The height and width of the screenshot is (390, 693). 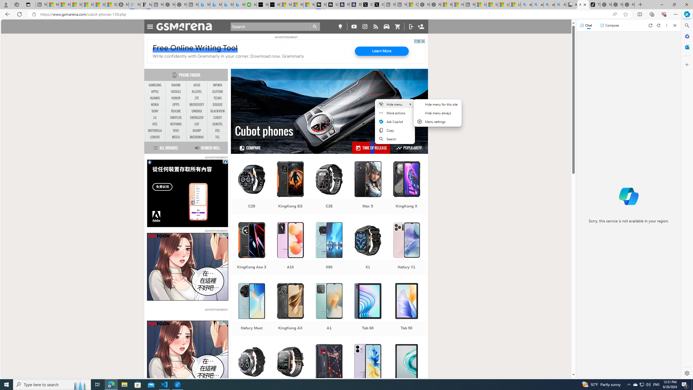 I want to click on 'OPPO', so click(x=176, y=105).